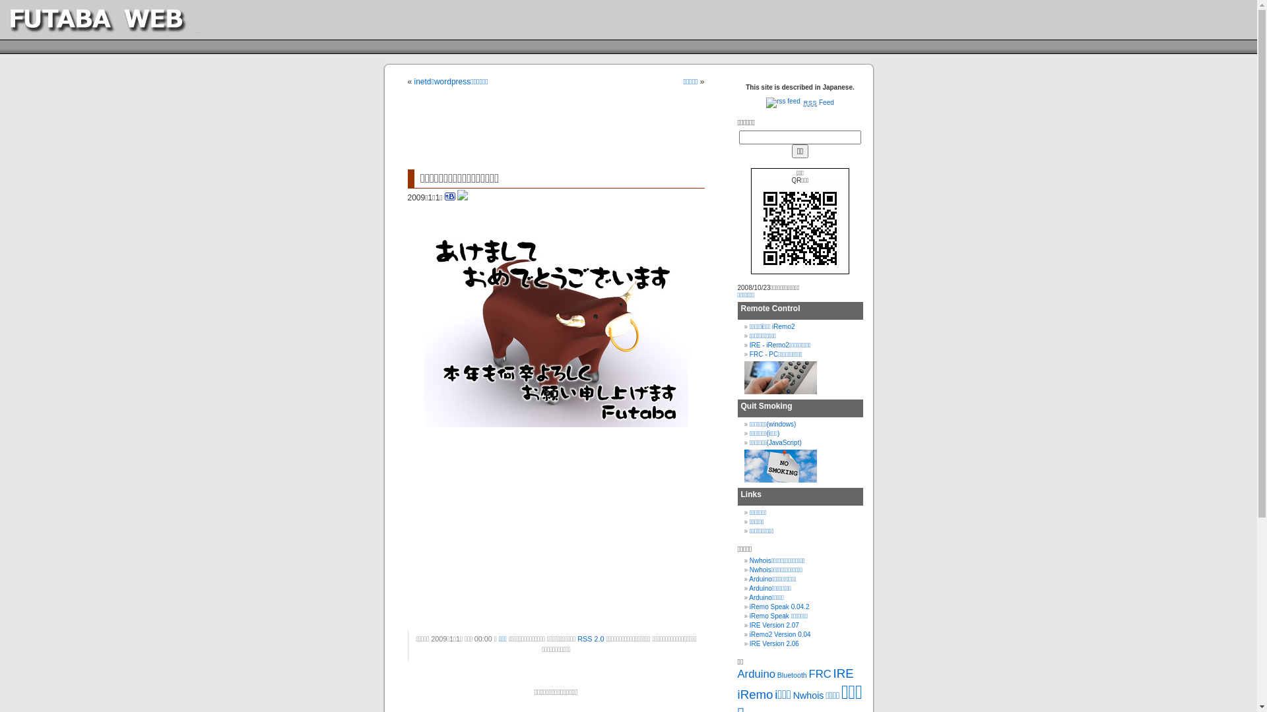 Image resolution: width=1267 pixels, height=712 pixels. What do you see at coordinates (843, 673) in the screenshot?
I see `'IRE'` at bounding box center [843, 673].